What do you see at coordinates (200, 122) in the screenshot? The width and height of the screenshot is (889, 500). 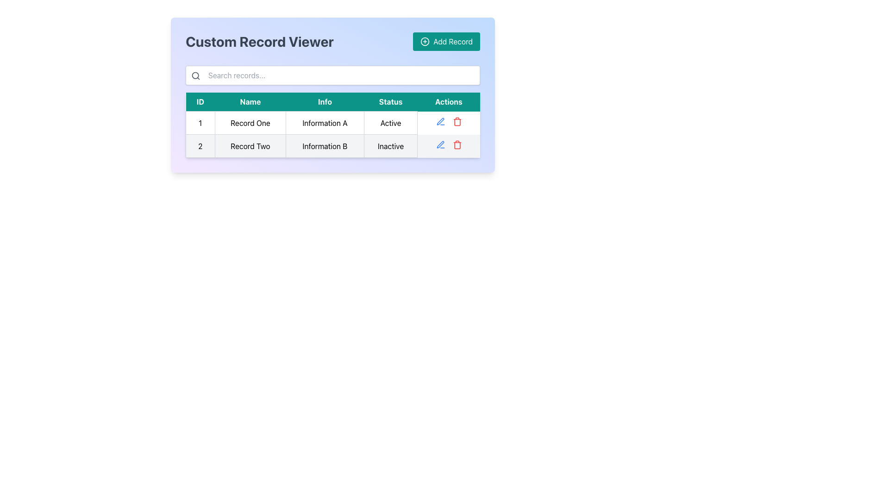 I see `text from the table cell displaying the row ID for 'Record One' in the first row under the 'ID' column` at bounding box center [200, 122].